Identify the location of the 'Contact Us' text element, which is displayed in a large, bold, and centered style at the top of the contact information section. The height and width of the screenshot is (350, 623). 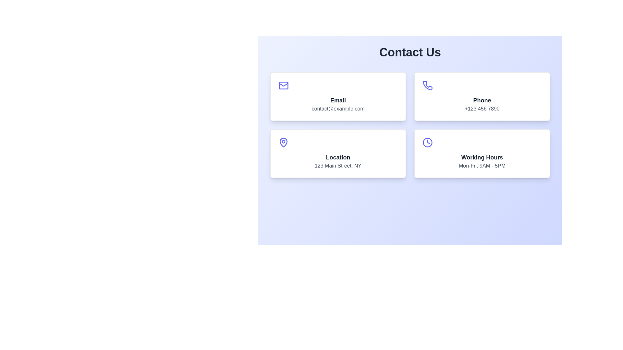
(409, 52).